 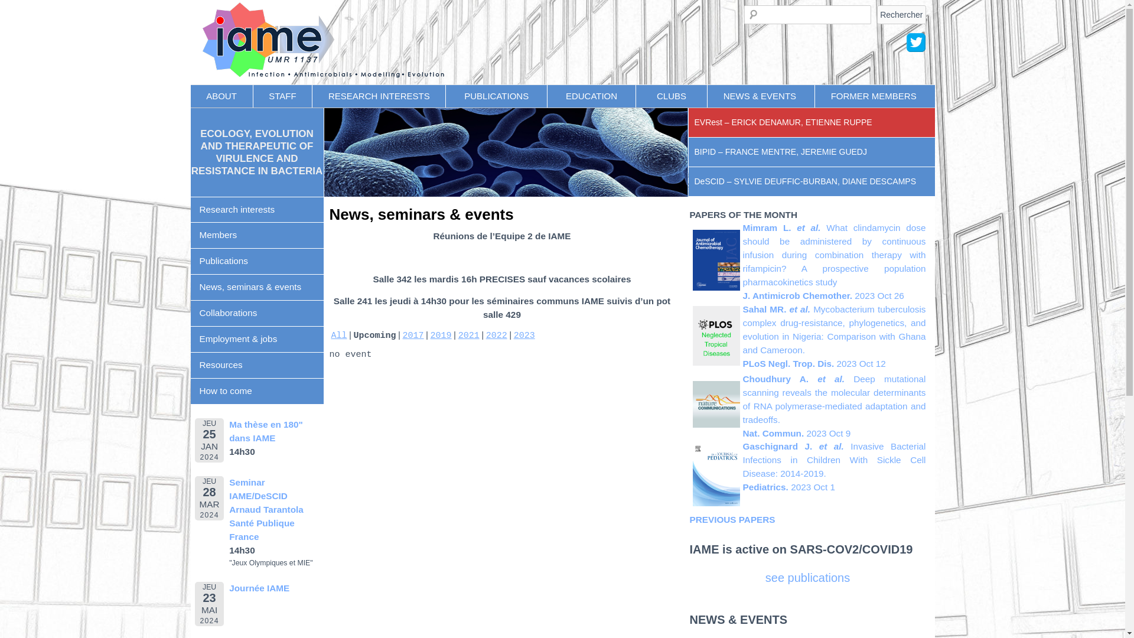 I want to click on 'How to come', so click(x=256, y=392).